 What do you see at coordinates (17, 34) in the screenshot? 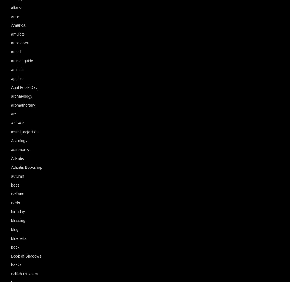
I see `'amulets'` at bounding box center [17, 34].